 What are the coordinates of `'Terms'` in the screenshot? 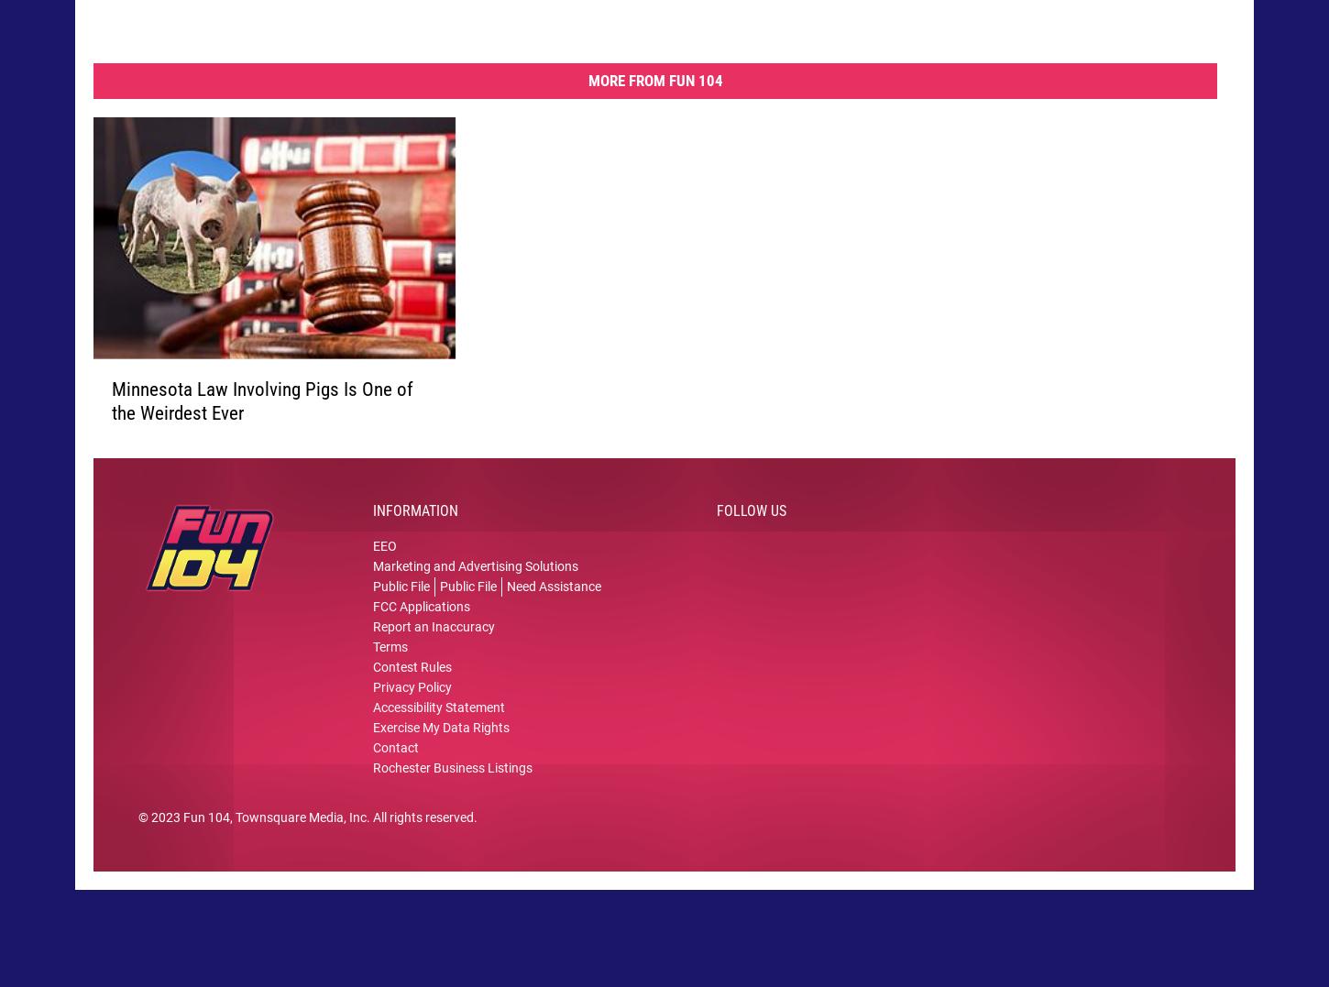 It's located at (390, 662).